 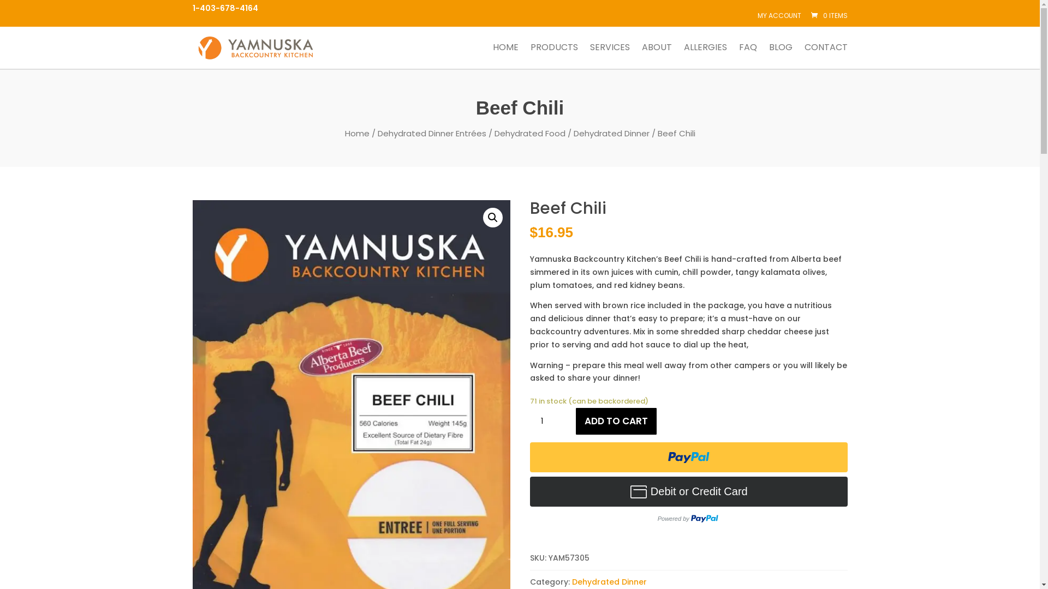 I want to click on 'SERVICES', so click(x=609, y=56).